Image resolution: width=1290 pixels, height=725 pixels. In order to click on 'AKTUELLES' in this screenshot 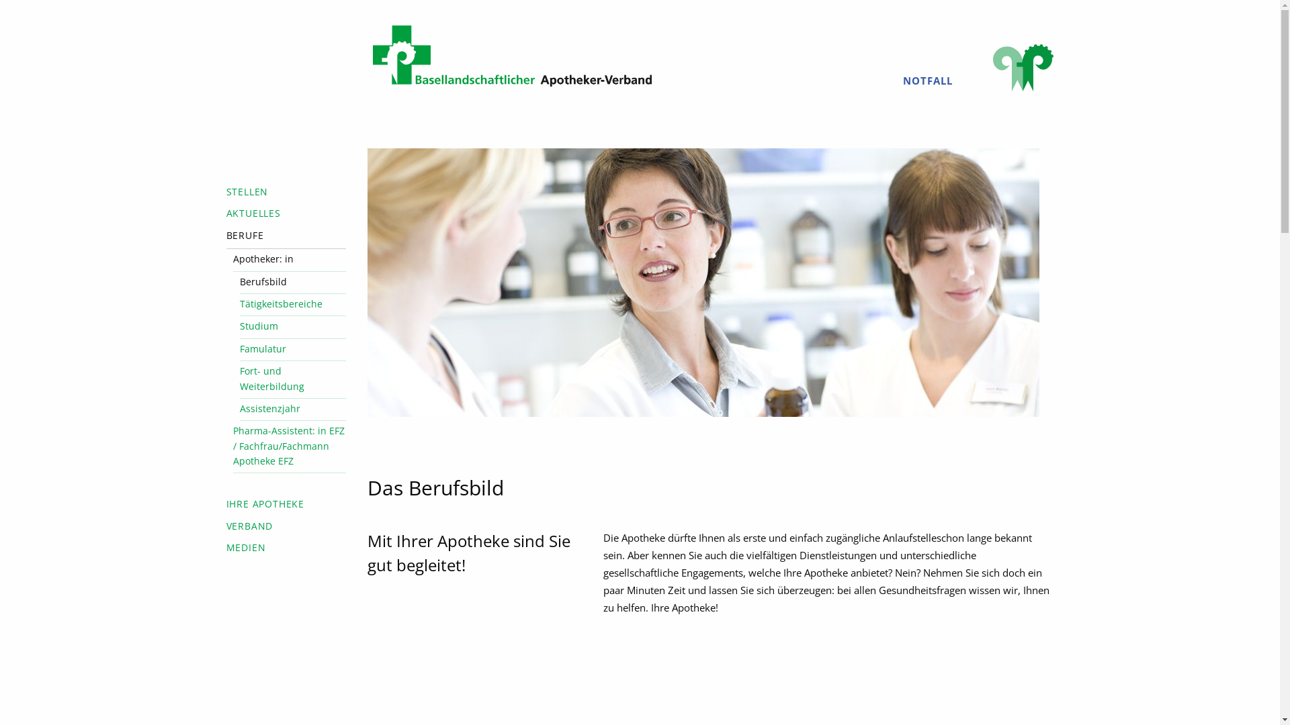, I will do `click(226, 214)`.